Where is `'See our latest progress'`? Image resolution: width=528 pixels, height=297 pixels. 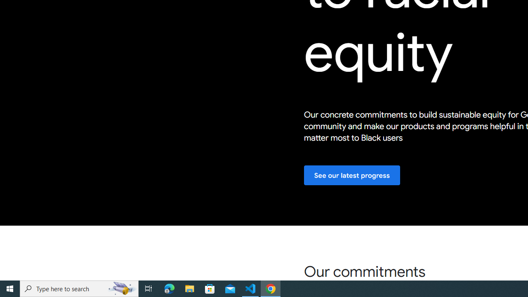
'See our latest progress' is located at coordinates (352, 175).